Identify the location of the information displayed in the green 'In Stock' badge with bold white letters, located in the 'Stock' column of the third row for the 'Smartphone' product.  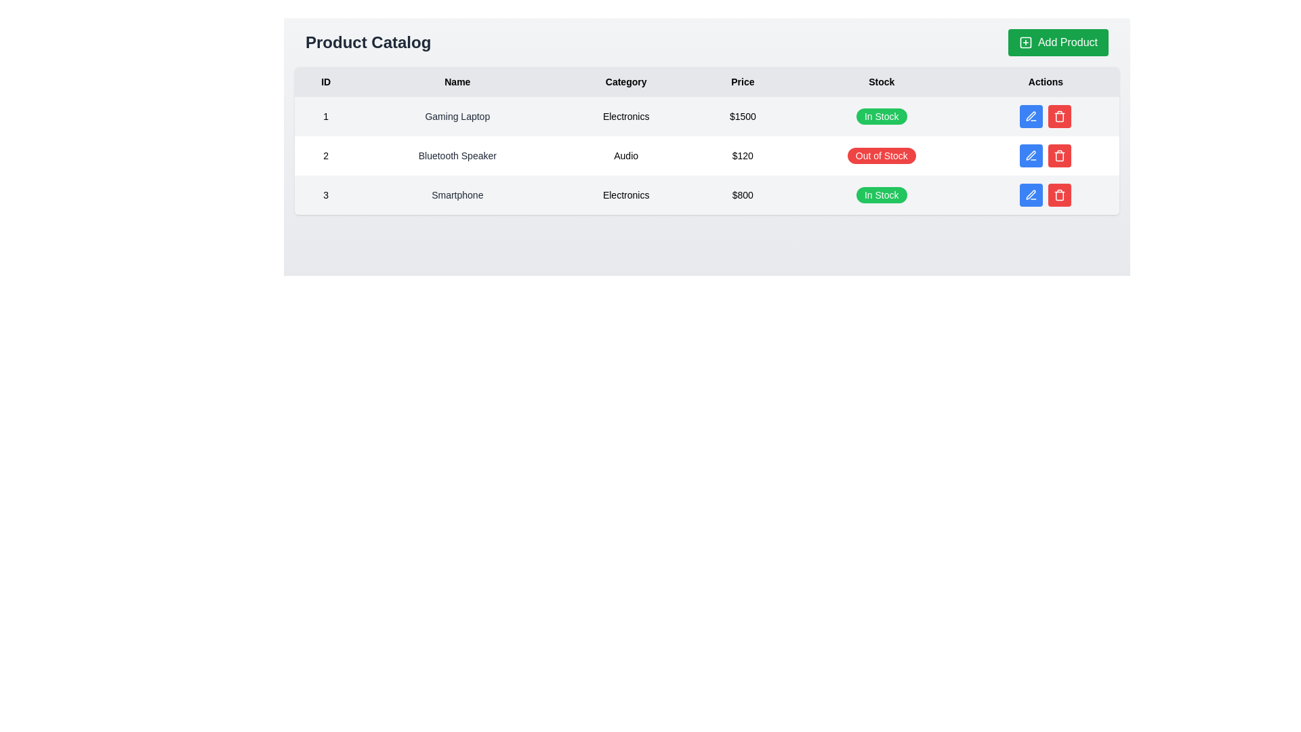
(882, 195).